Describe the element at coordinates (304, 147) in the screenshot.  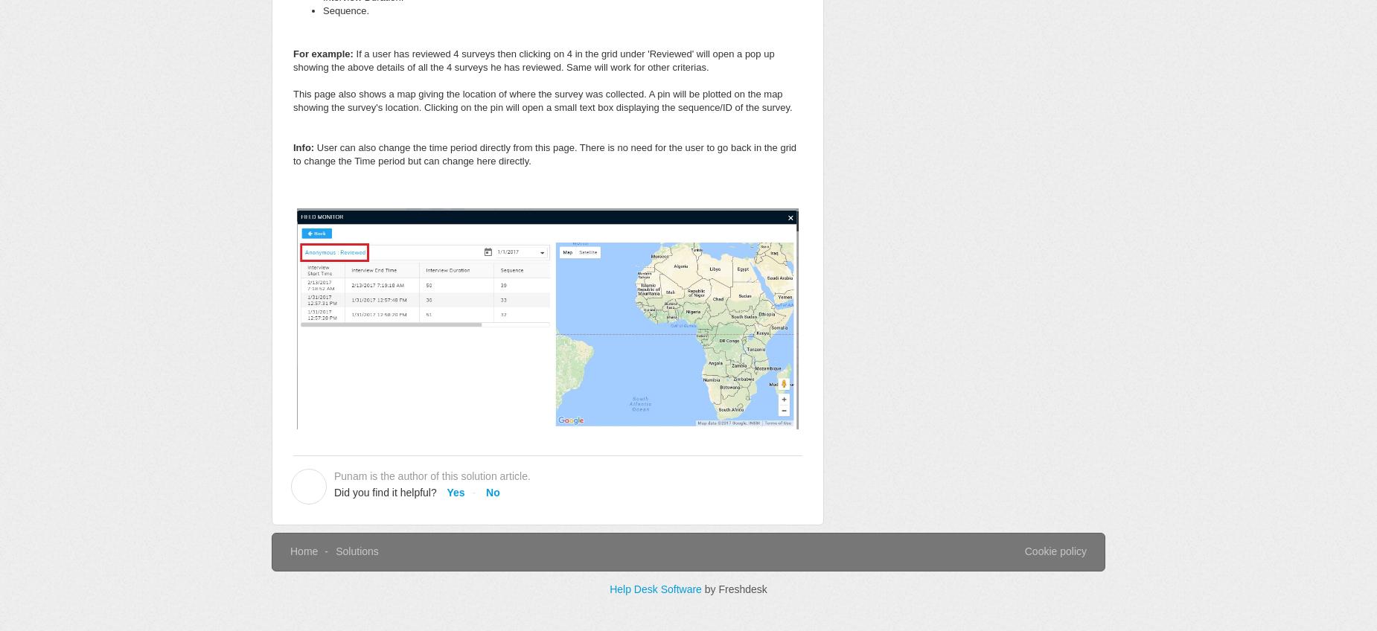
I see `'Info:'` at that location.